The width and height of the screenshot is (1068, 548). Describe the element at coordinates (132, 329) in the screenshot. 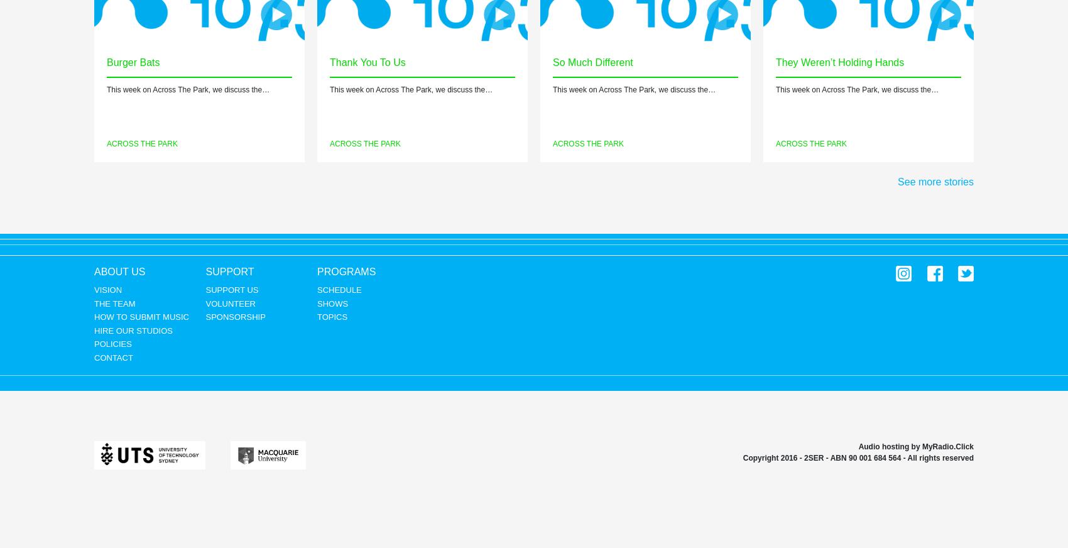

I see `'Hire Our Studios'` at that location.